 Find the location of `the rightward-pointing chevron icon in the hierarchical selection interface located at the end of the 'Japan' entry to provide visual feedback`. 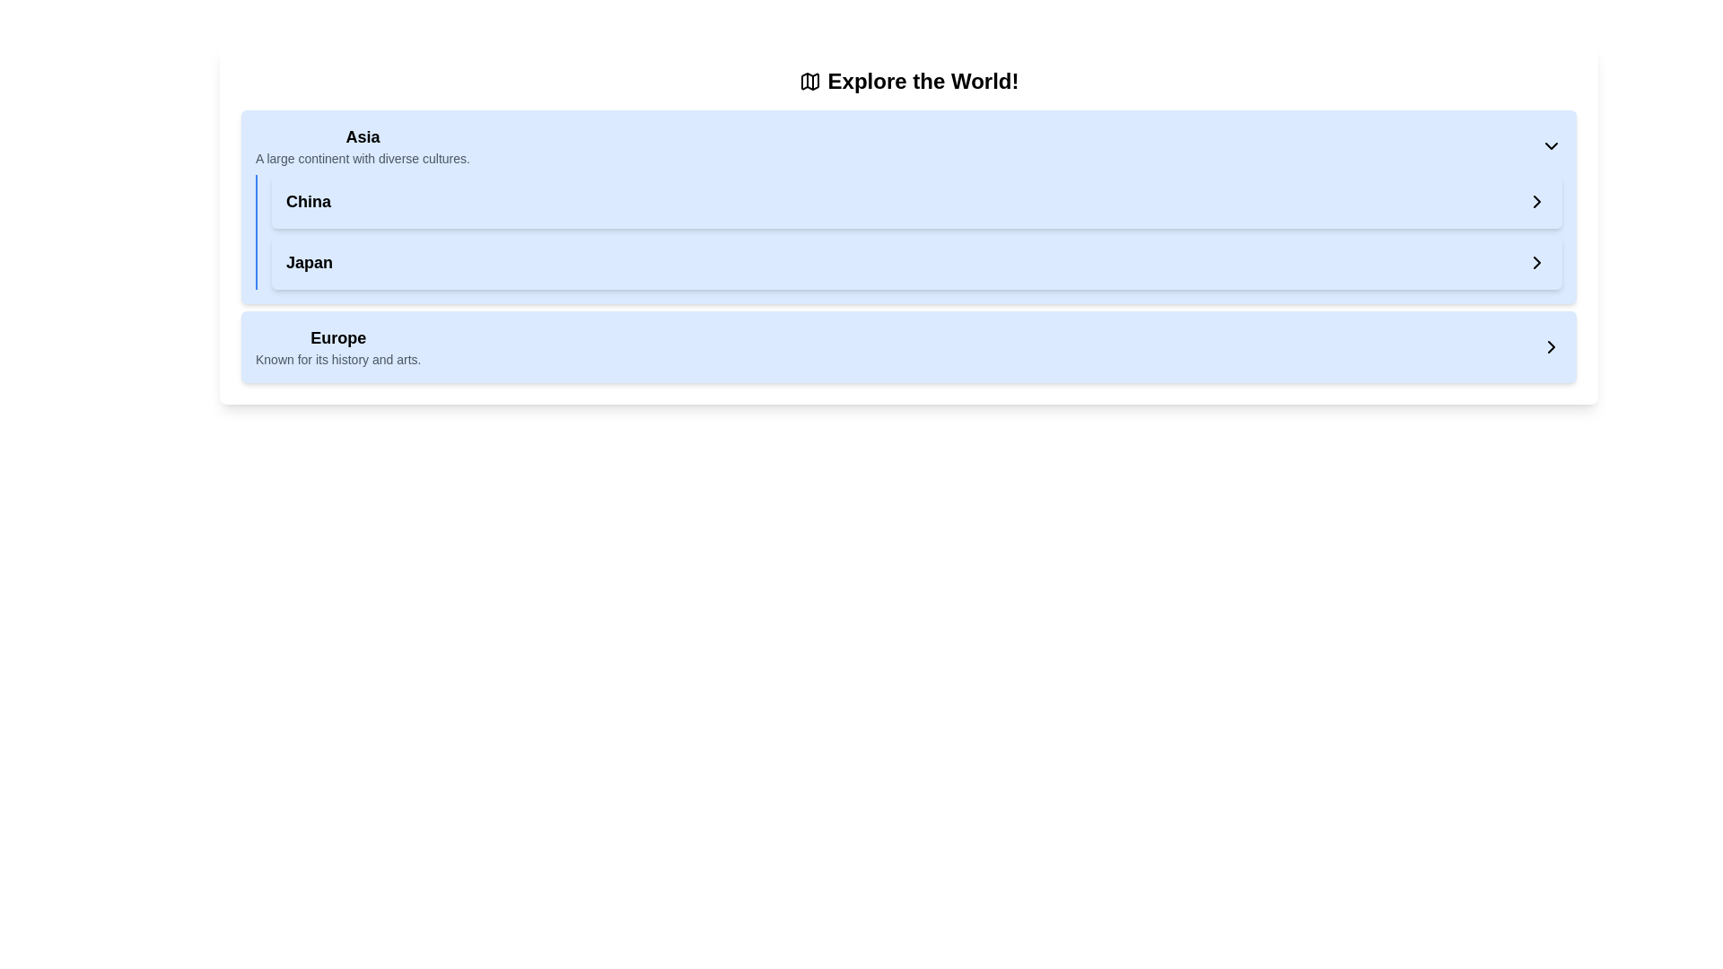

the rightward-pointing chevron icon in the hierarchical selection interface located at the end of the 'Japan' entry to provide visual feedback is located at coordinates (1536, 201).